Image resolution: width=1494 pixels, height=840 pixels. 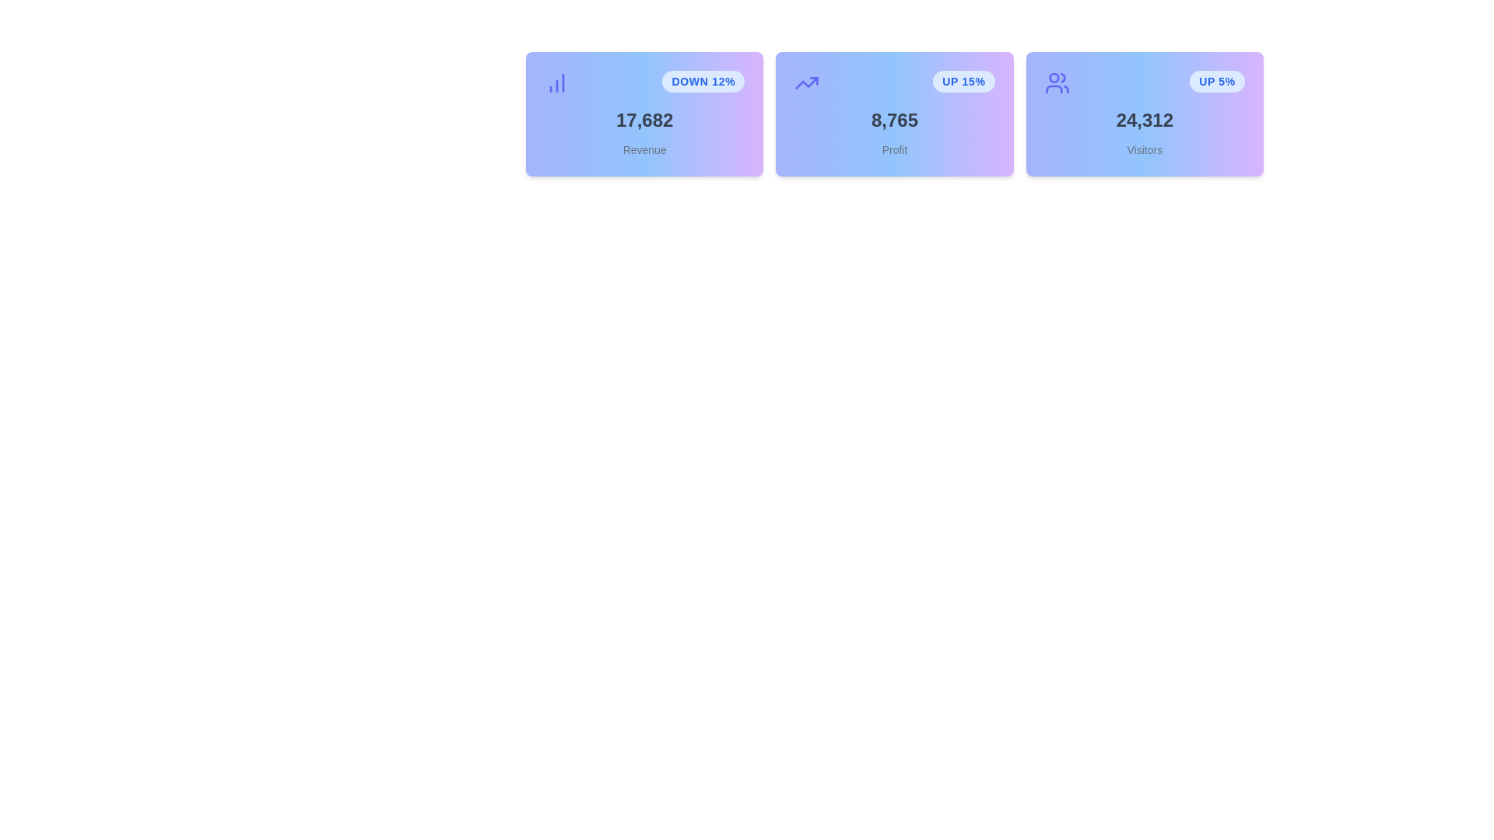 I want to click on numerical metric text '8,765' located in the second card of a horizontal group, positioned below 'Up 15%' and above 'Profit', so click(x=895, y=119).